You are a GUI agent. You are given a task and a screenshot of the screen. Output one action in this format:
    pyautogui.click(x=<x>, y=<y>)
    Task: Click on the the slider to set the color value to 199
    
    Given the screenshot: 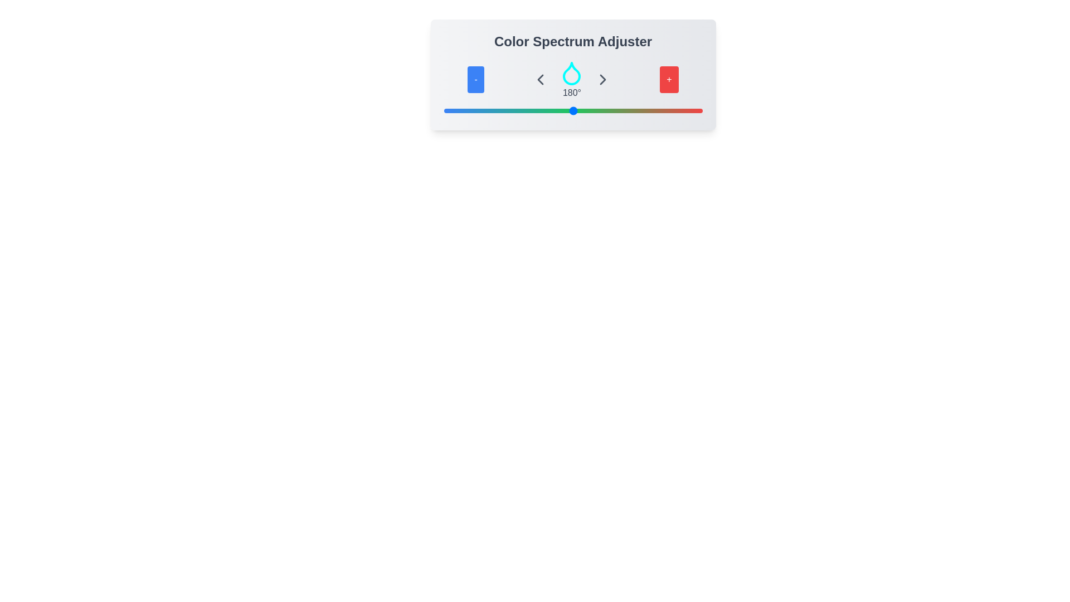 What is the action you would take?
    pyautogui.click(x=586, y=111)
    